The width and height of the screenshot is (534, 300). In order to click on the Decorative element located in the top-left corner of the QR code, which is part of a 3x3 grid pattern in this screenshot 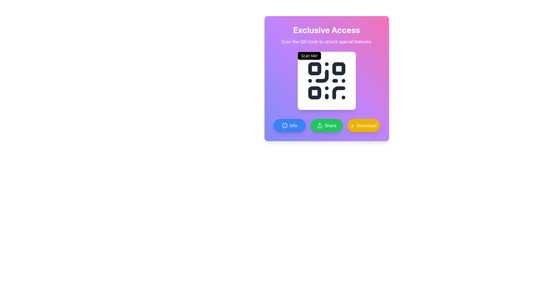, I will do `click(315, 68)`.